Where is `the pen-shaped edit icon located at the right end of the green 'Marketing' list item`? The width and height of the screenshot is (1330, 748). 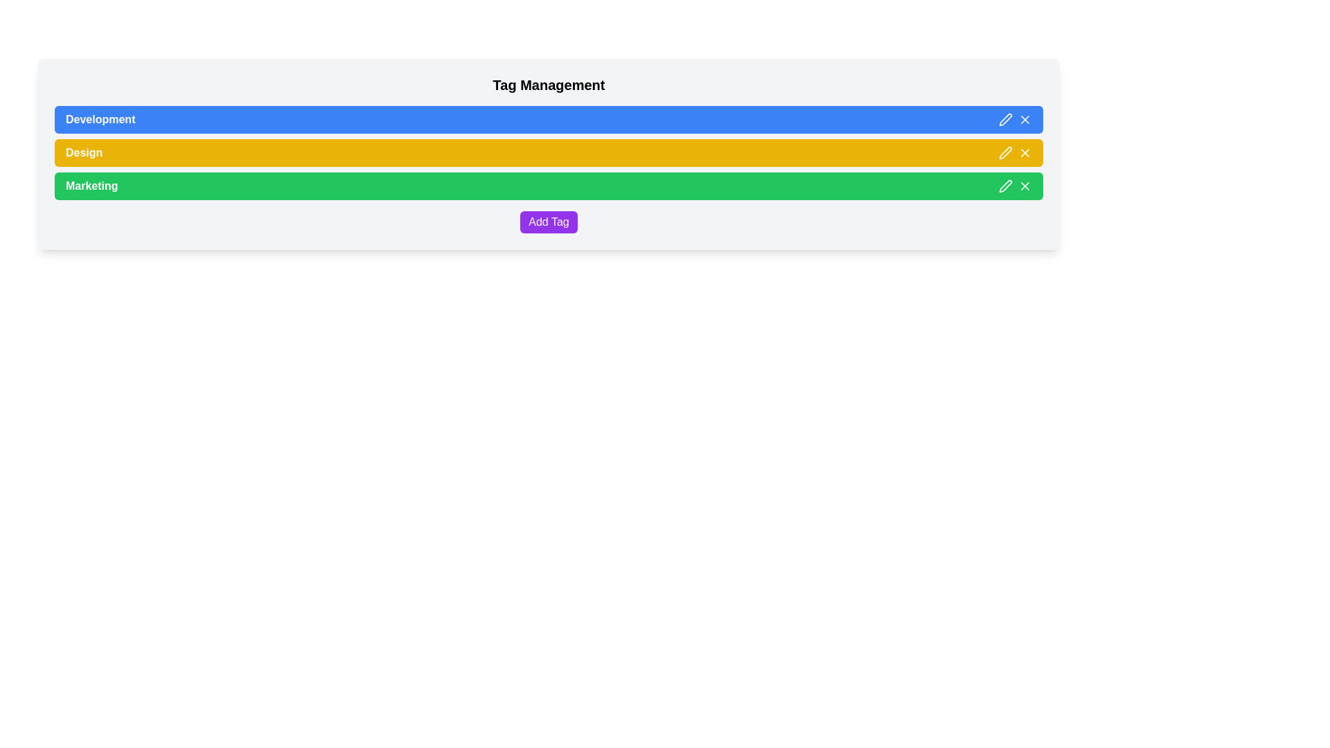
the pen-shaped edit icon located at the right end of the green 'Marketing' list item is located at coordinates (1005, 184).